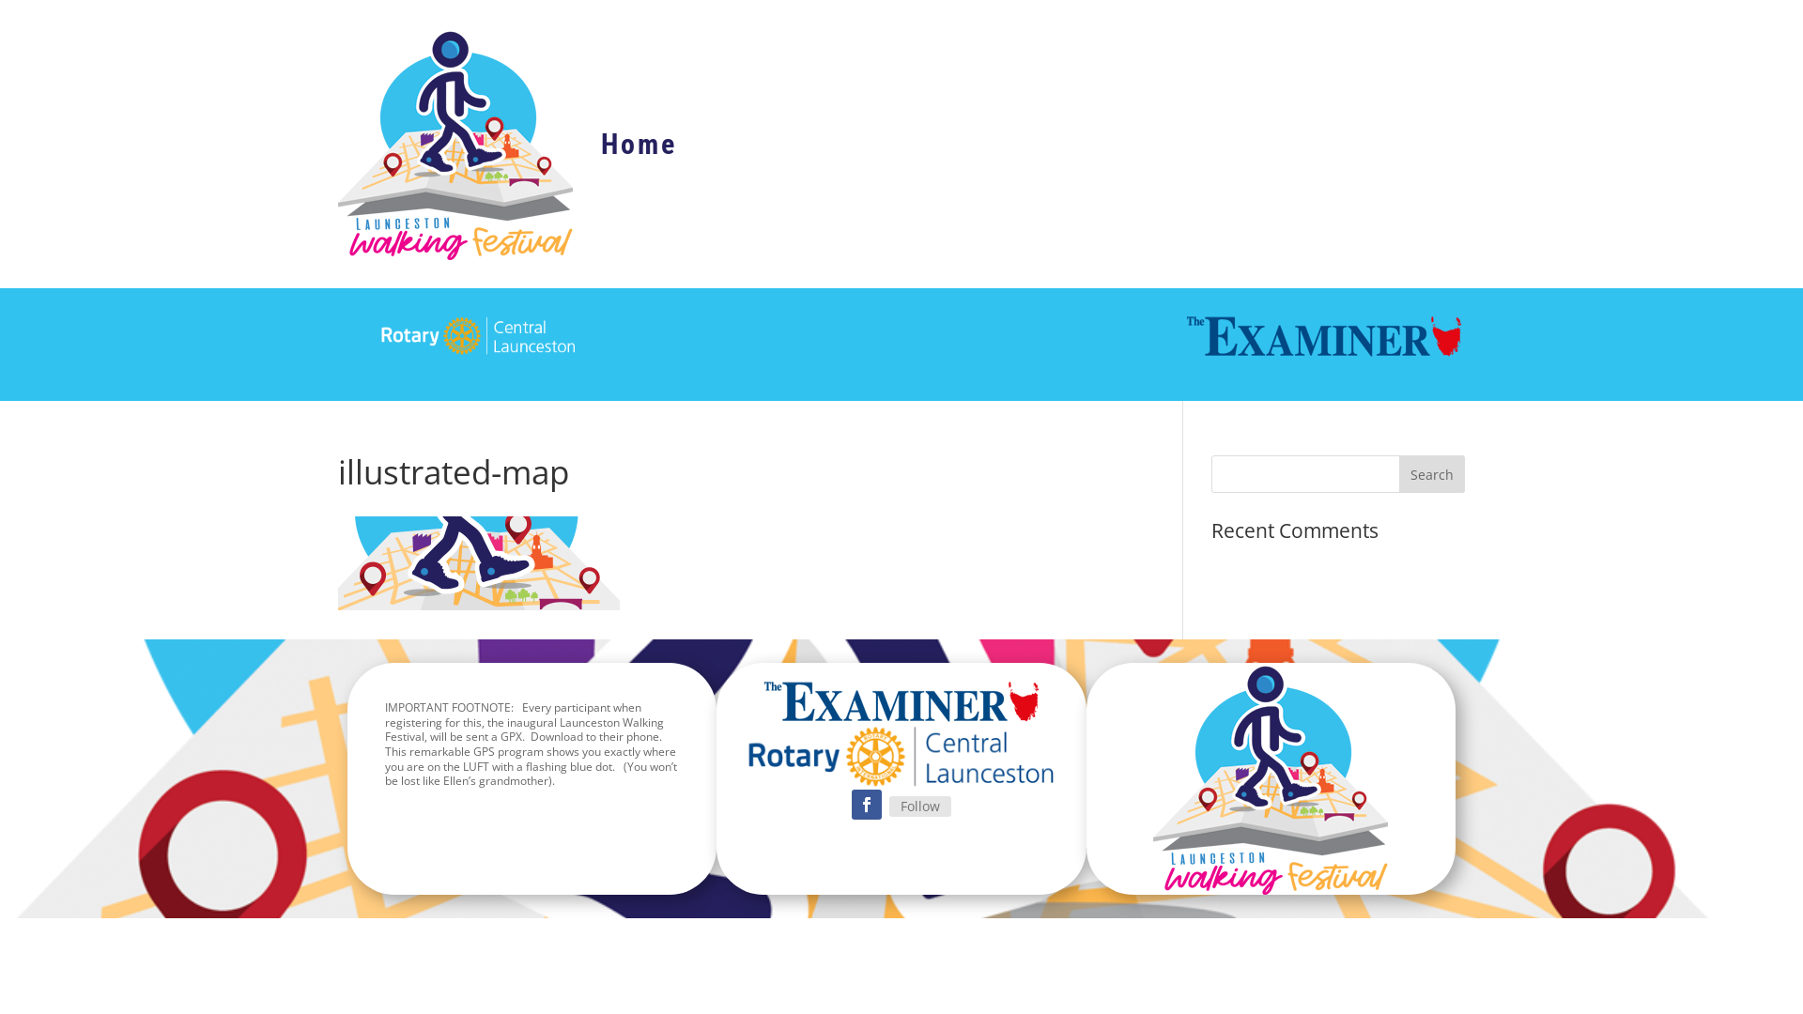 The width and height of the screenshot is (1803, 1014). Describe the element at coordinates (639, 143) in the screenshot. I see `'Home'` at that location.